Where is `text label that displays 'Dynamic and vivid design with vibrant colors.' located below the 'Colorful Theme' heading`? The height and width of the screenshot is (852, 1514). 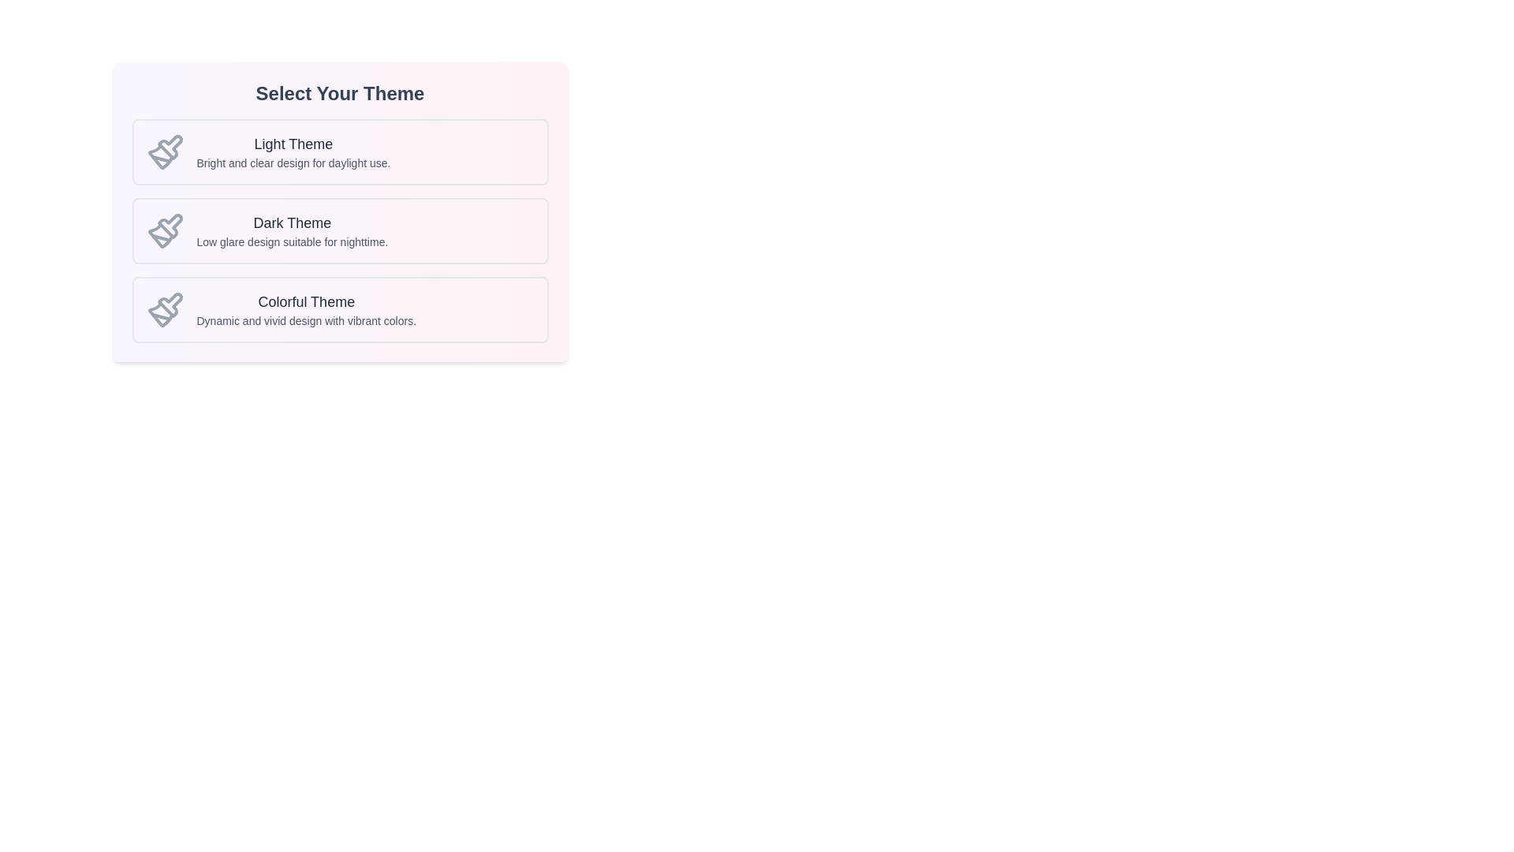 text label that displays 'Dynamic and vivid design with vibrant colors.' located below the 'Colorful Theme' heading is located at coordinates (306, 320).